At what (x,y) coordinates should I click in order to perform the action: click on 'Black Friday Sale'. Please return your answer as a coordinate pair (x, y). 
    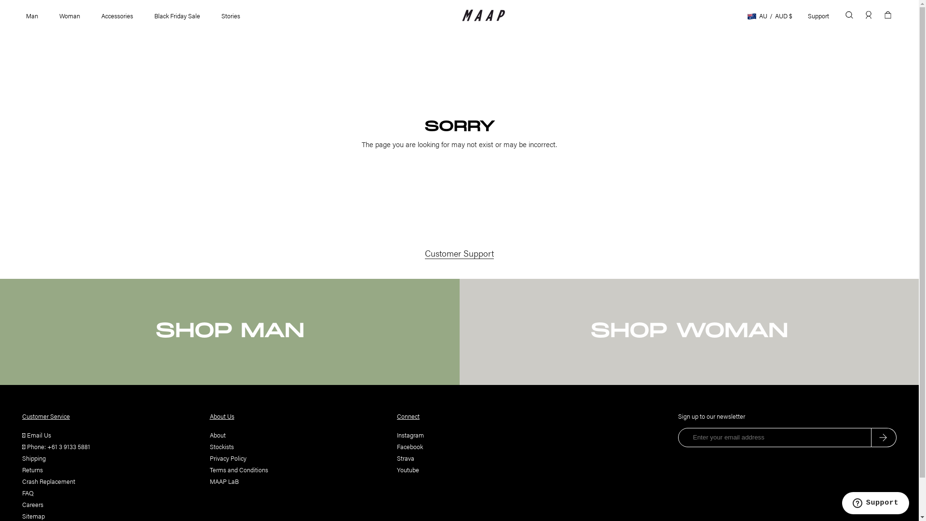
    Looking at the image, I should click on (177, 15).